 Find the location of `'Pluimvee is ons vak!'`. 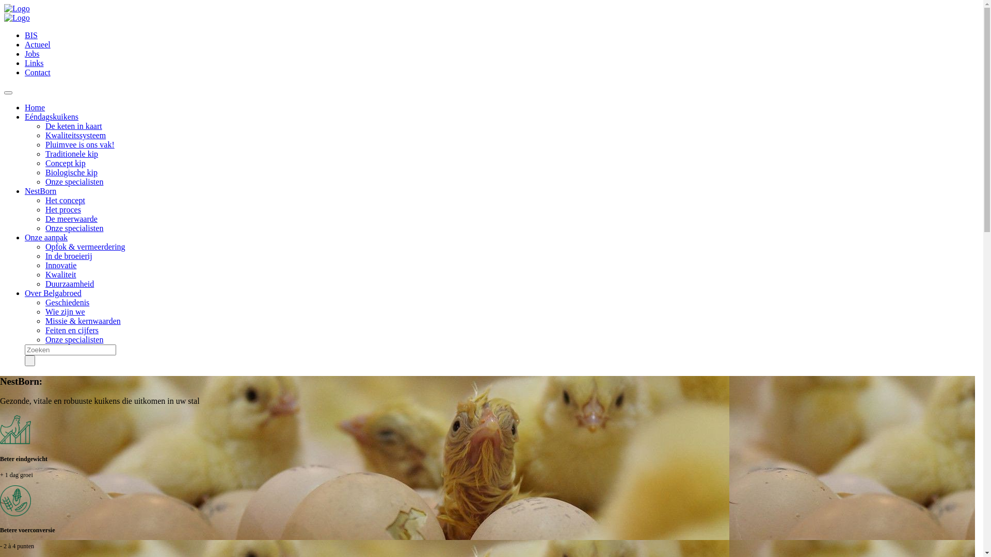

'Pluimvee is ons vak!' is located at coordinates (44, 144).